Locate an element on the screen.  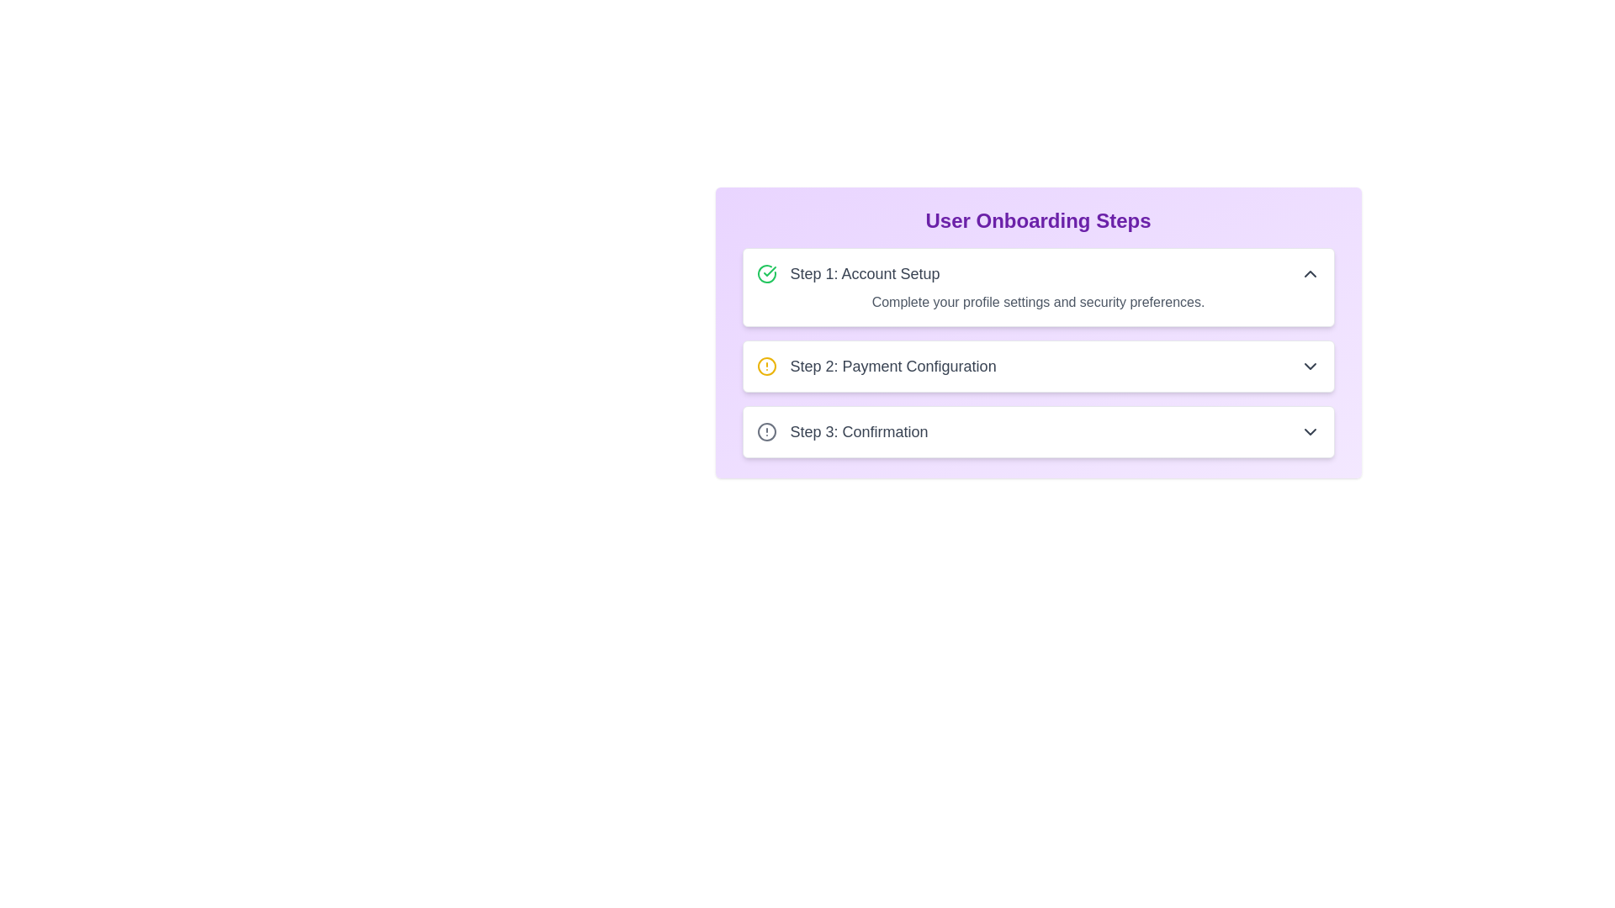
the Collapsible section header displaying 'Step 1: Account Setup' to activate it is located at coordinates (1037, 273).